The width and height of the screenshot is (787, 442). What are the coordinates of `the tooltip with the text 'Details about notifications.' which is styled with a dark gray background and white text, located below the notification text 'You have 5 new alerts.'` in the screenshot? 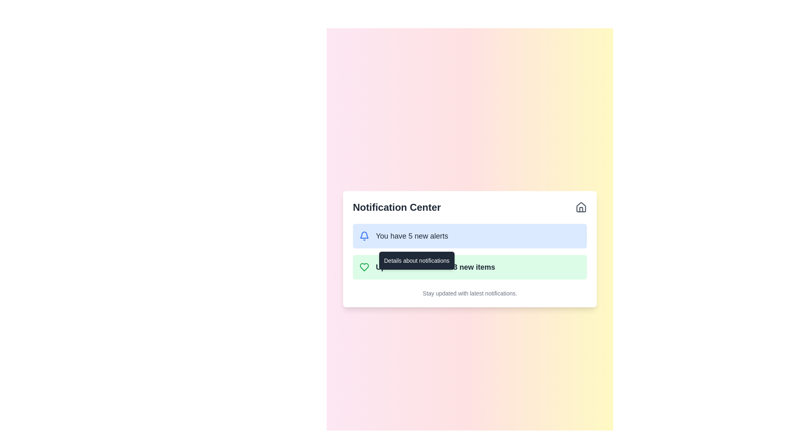 It's located at (416, 260).